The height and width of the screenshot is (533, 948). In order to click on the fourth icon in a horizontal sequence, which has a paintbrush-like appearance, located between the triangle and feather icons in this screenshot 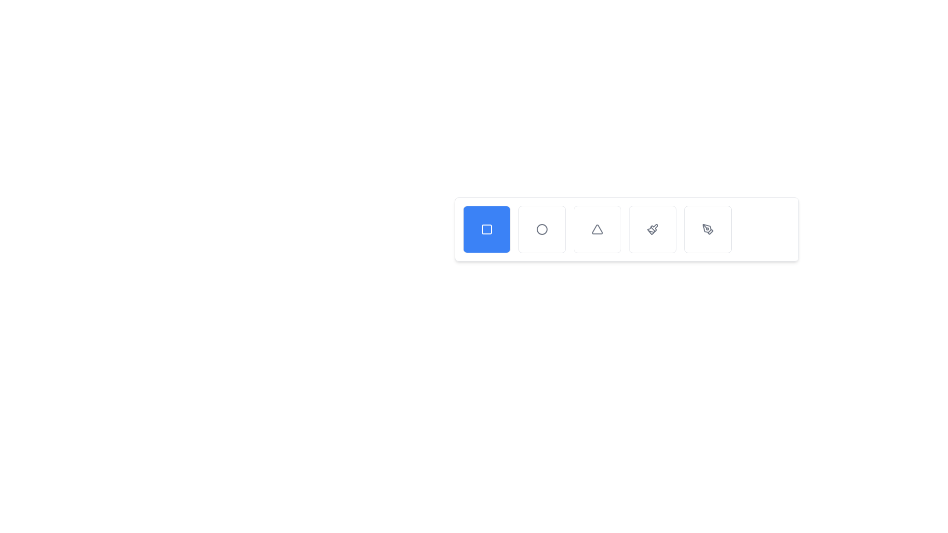, I will do `click(654, 228)`.